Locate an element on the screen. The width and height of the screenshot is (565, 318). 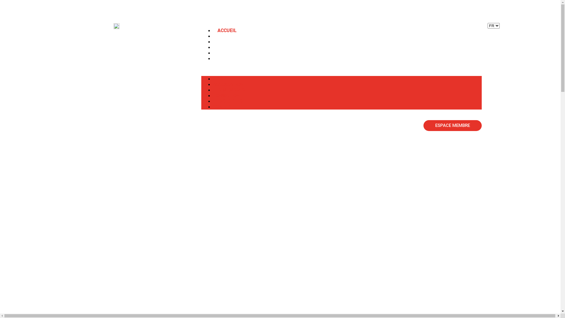
'ACCUEIL' is located at coordinates (227, 30).